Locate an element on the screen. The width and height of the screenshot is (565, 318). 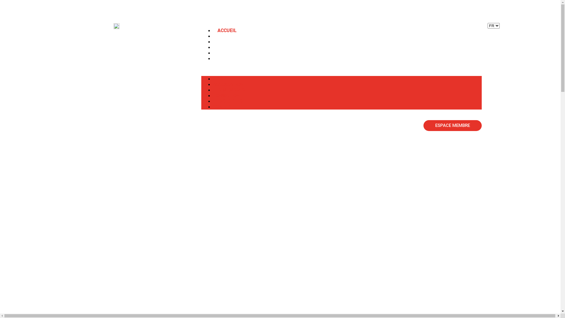
'ACCUEIL' is located at coordinates (227, 30).